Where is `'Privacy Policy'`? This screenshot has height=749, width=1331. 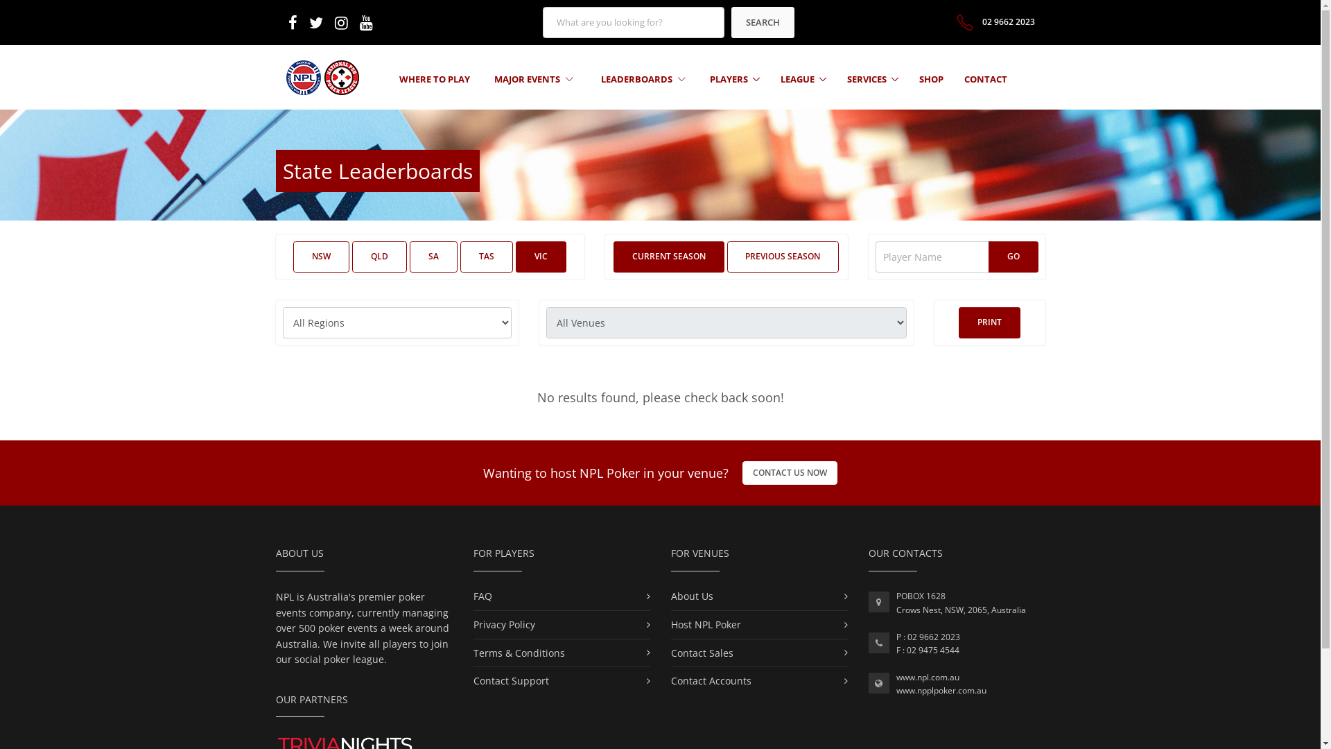 'Privacy Policy' is located at coordinates (503, 624).